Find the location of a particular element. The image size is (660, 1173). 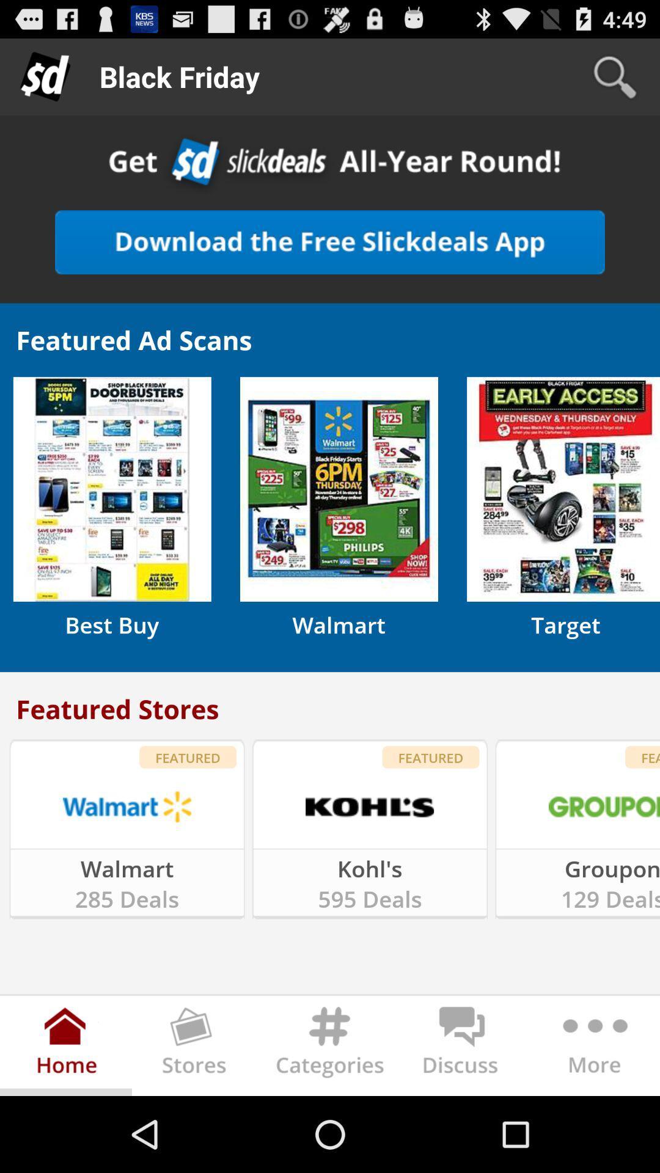

the chat icon is located at coordinates (462, 1122).